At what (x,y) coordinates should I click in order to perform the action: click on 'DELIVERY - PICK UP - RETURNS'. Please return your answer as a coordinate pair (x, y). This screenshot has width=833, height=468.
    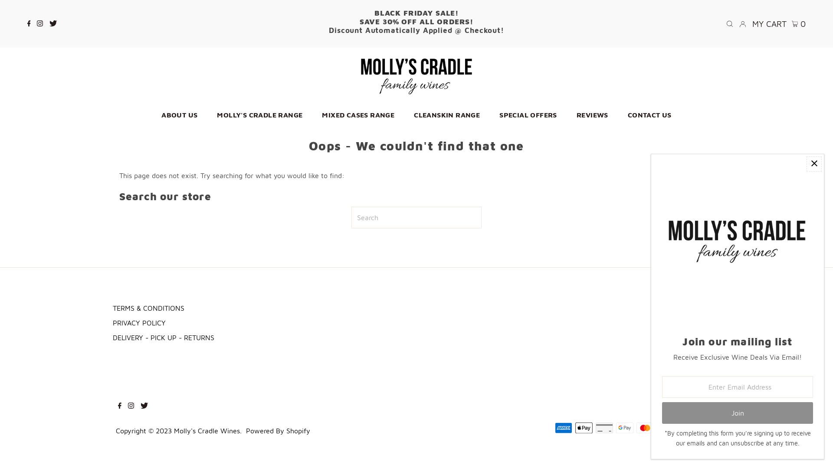
    Looking at the image, I should click on (164, 337).